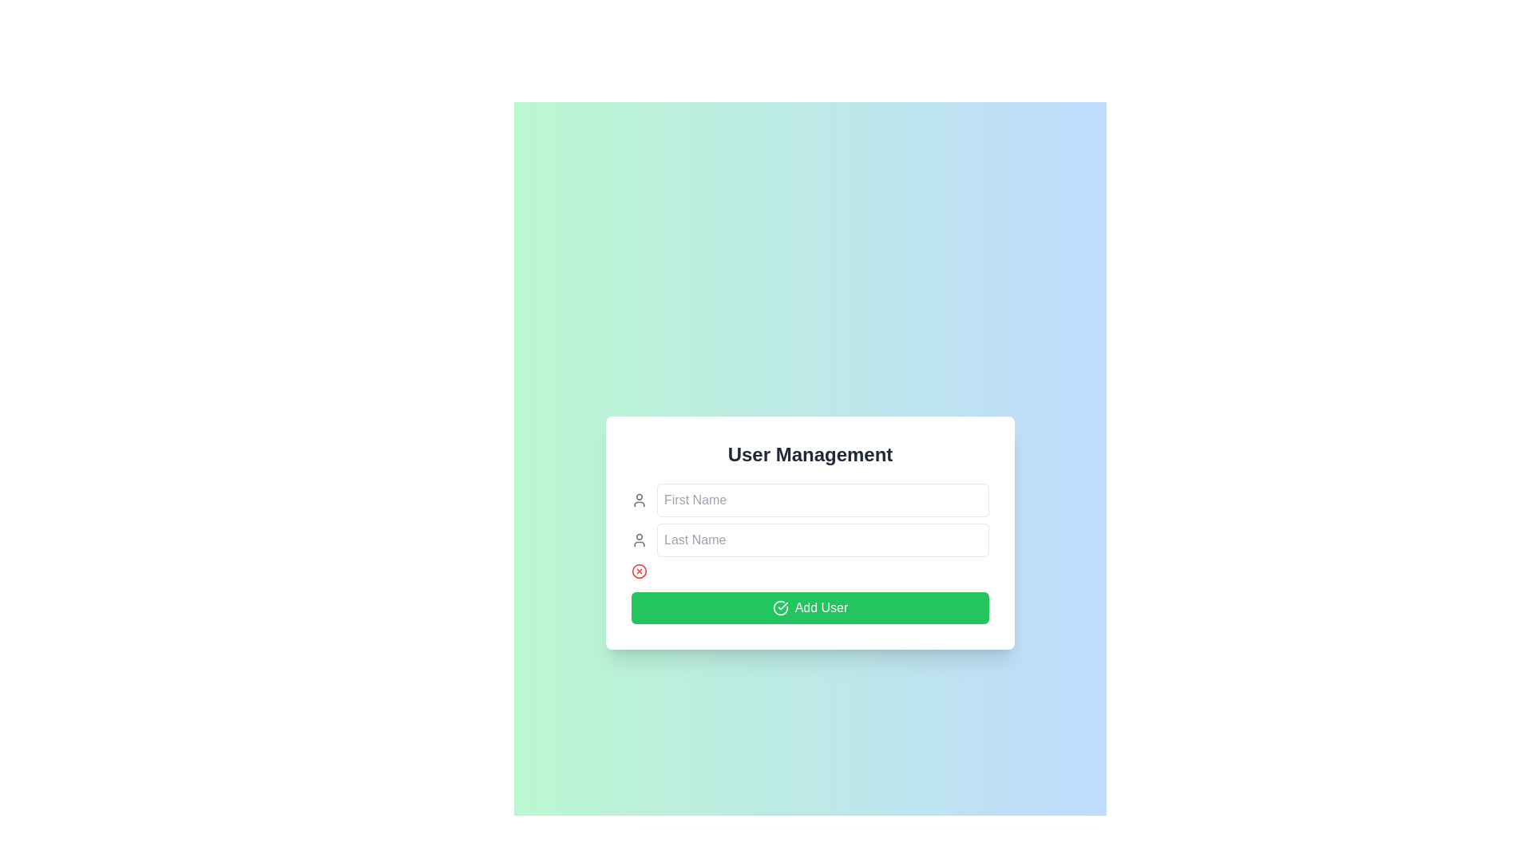  I want to click on the user icon represented by an outline of a person, located at the upper left of the 'First Name' input field, so click(640, 540).